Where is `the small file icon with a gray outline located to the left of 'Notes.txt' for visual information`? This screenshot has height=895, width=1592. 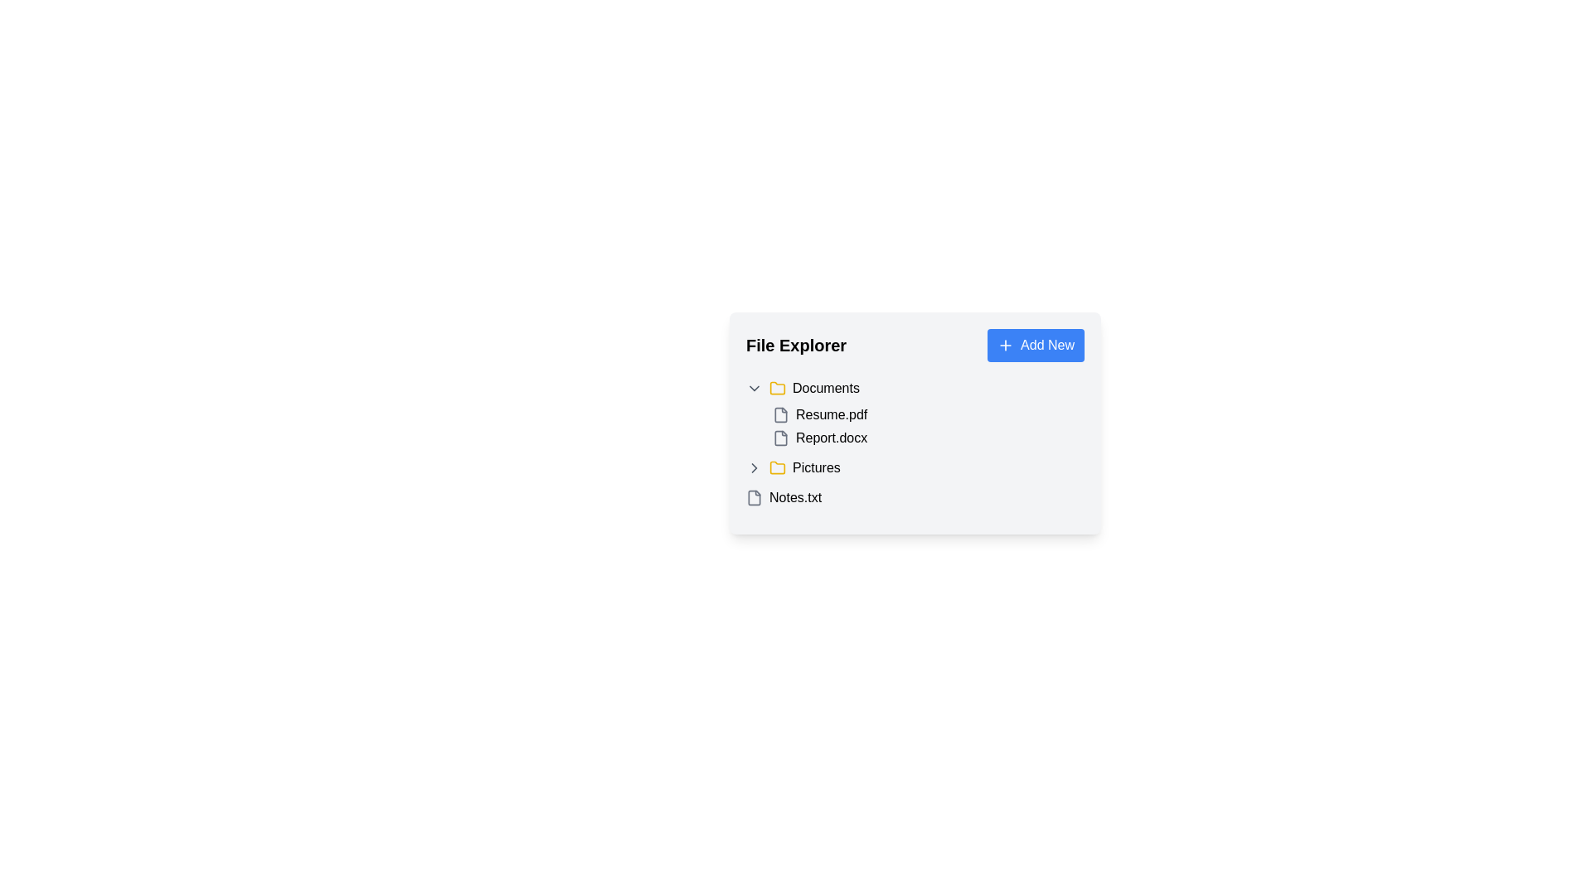
the small file icon with a gray outline located to the left of 'Notes.txt' for visual information is located at coordinates (754, 497).